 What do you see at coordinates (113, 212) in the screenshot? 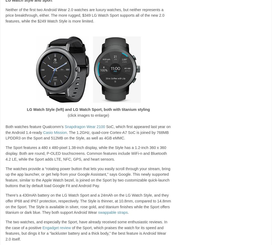
I see `'swappable straps'` at bounding box center [113, 212].